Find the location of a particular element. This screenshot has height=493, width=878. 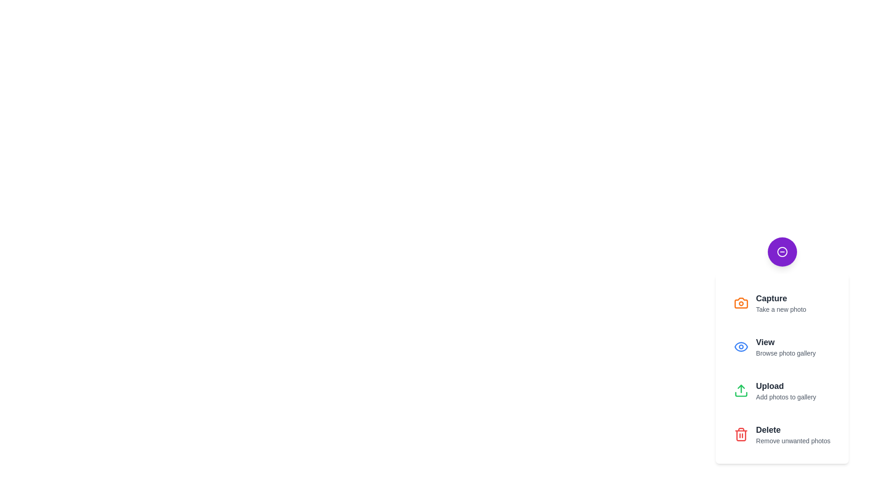

the 'View' button to browse the photo gallery is located at coordinates (781, 346).